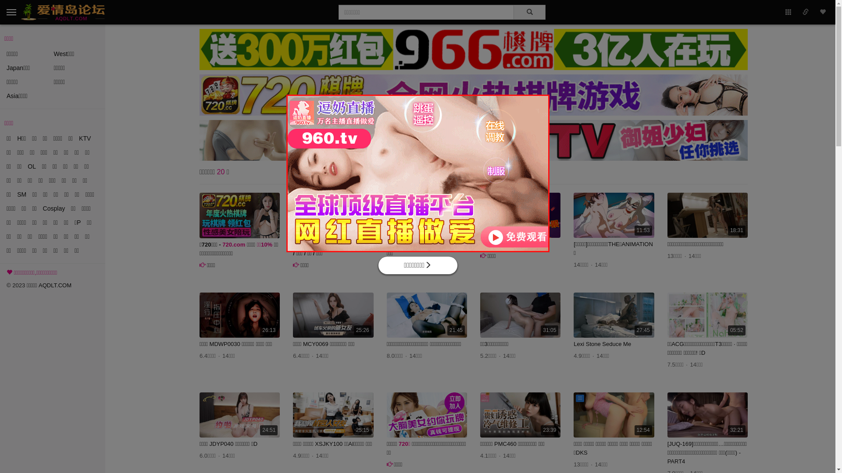 This screenshot has width=842, height=473. Describe the element at coordinates (574, 314) in the screenshot. I see `'27:45'` at that location.